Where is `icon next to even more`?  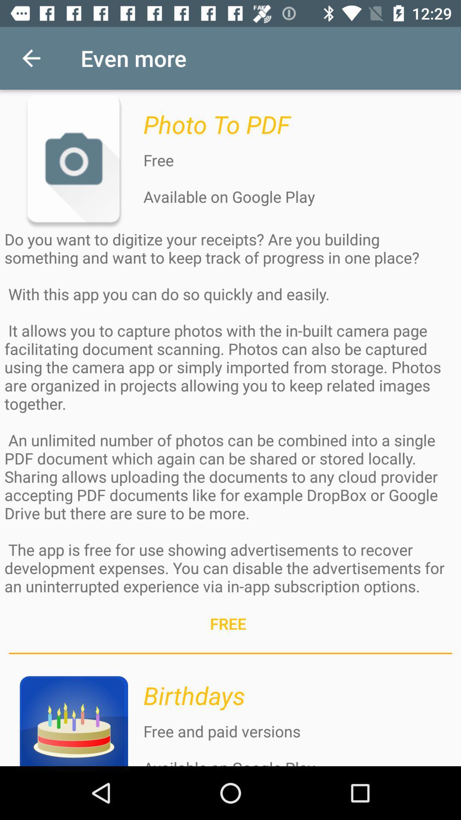 icon next to even more is located at coordinates (31, 58).